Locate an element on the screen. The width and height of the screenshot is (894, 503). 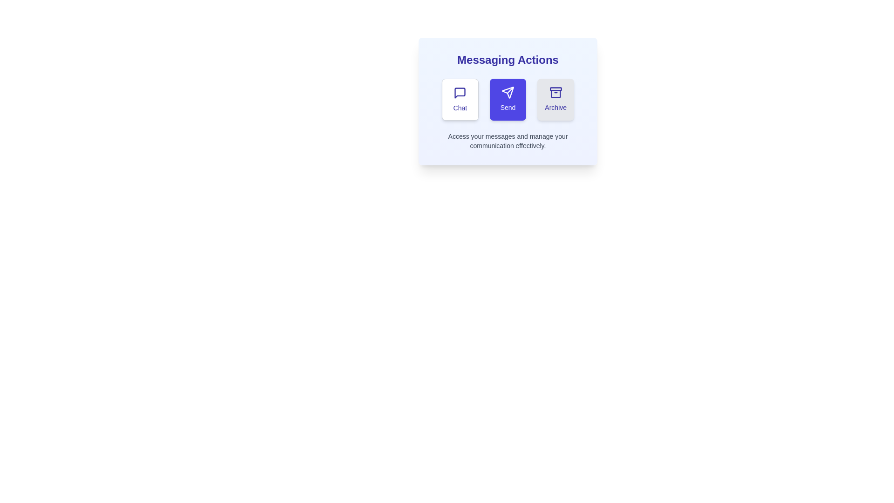
the static text block that provides descriptive information or guidance, located at the bottom of the card layout, beneath the buttons labeled 'Chat,' 'Send,' and 'Archive.' is located at coordinates (507, 141).